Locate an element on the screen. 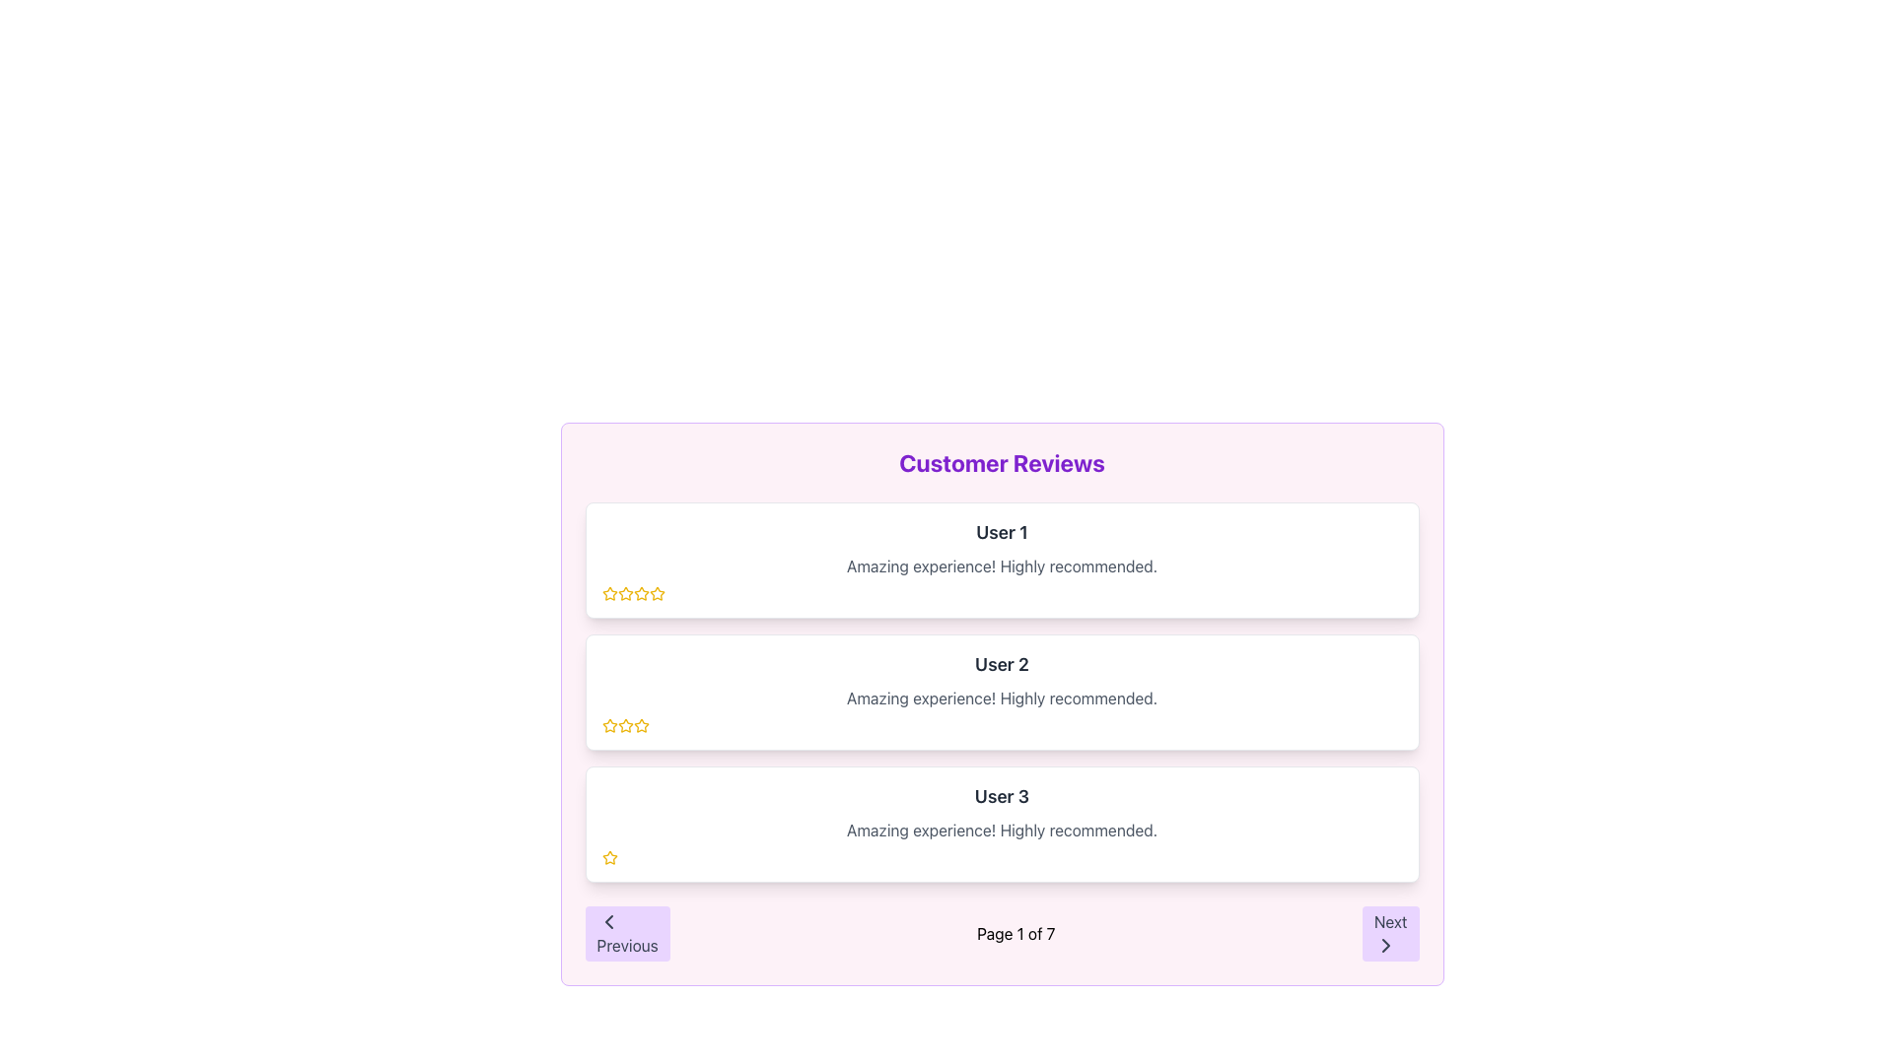 Image resolution: width=1893 pixels, height=1064 pixels. the text block displaying user-provided review comments located beneath 'User 3' and above the rating to read the details is located at coordinates (1002, 831).